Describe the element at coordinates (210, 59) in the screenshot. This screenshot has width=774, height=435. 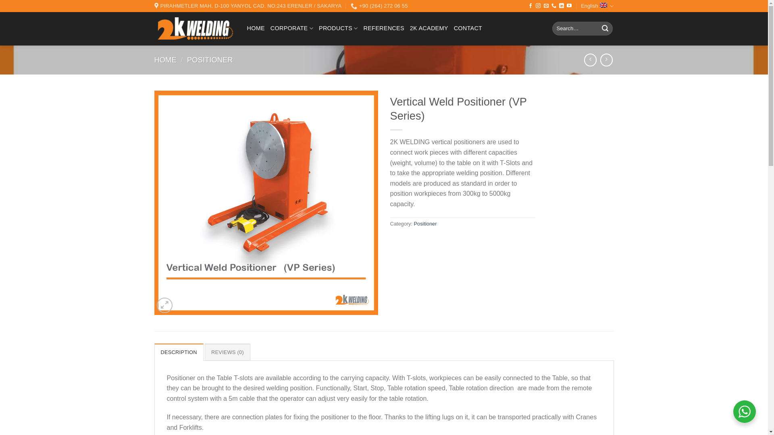
I see `'POSITIONER'` at that location.